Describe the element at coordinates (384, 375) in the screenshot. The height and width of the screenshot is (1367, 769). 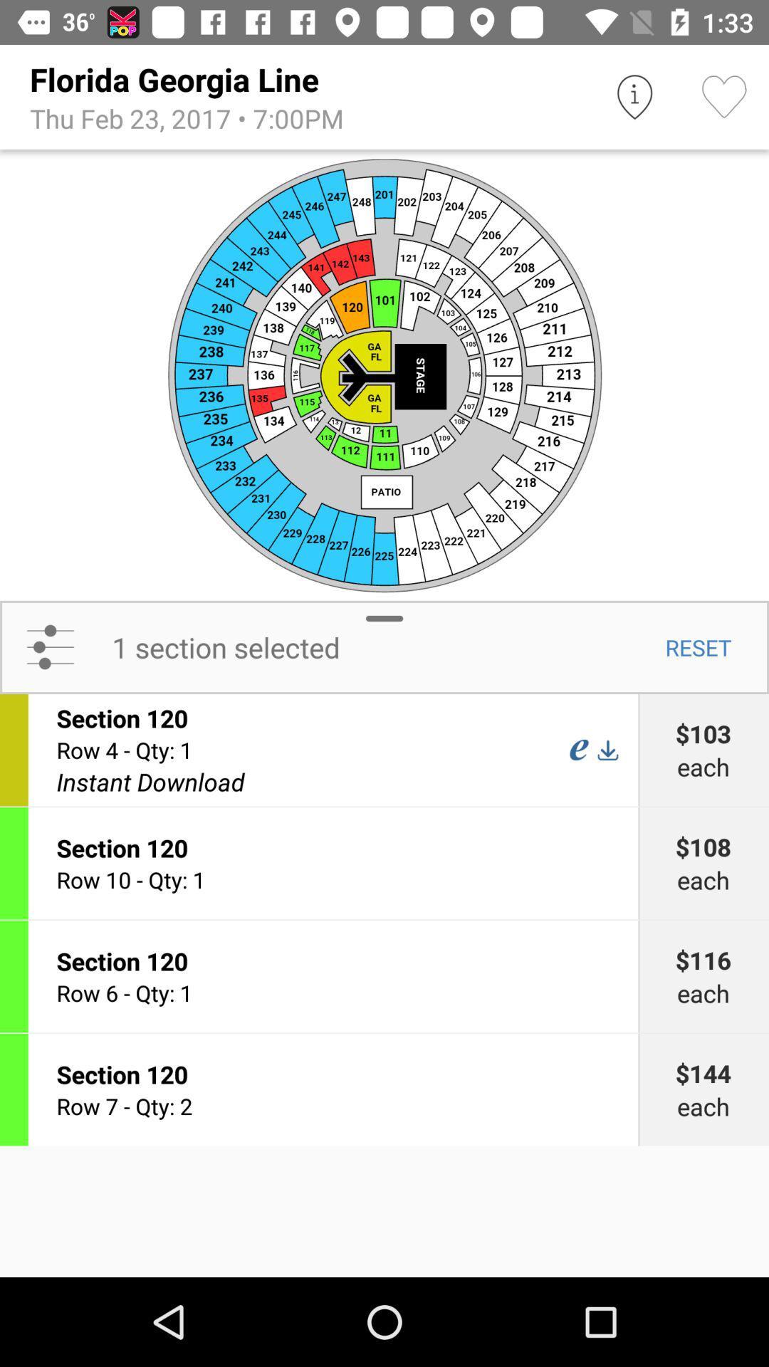
I see `icon above reset icon` at that location.